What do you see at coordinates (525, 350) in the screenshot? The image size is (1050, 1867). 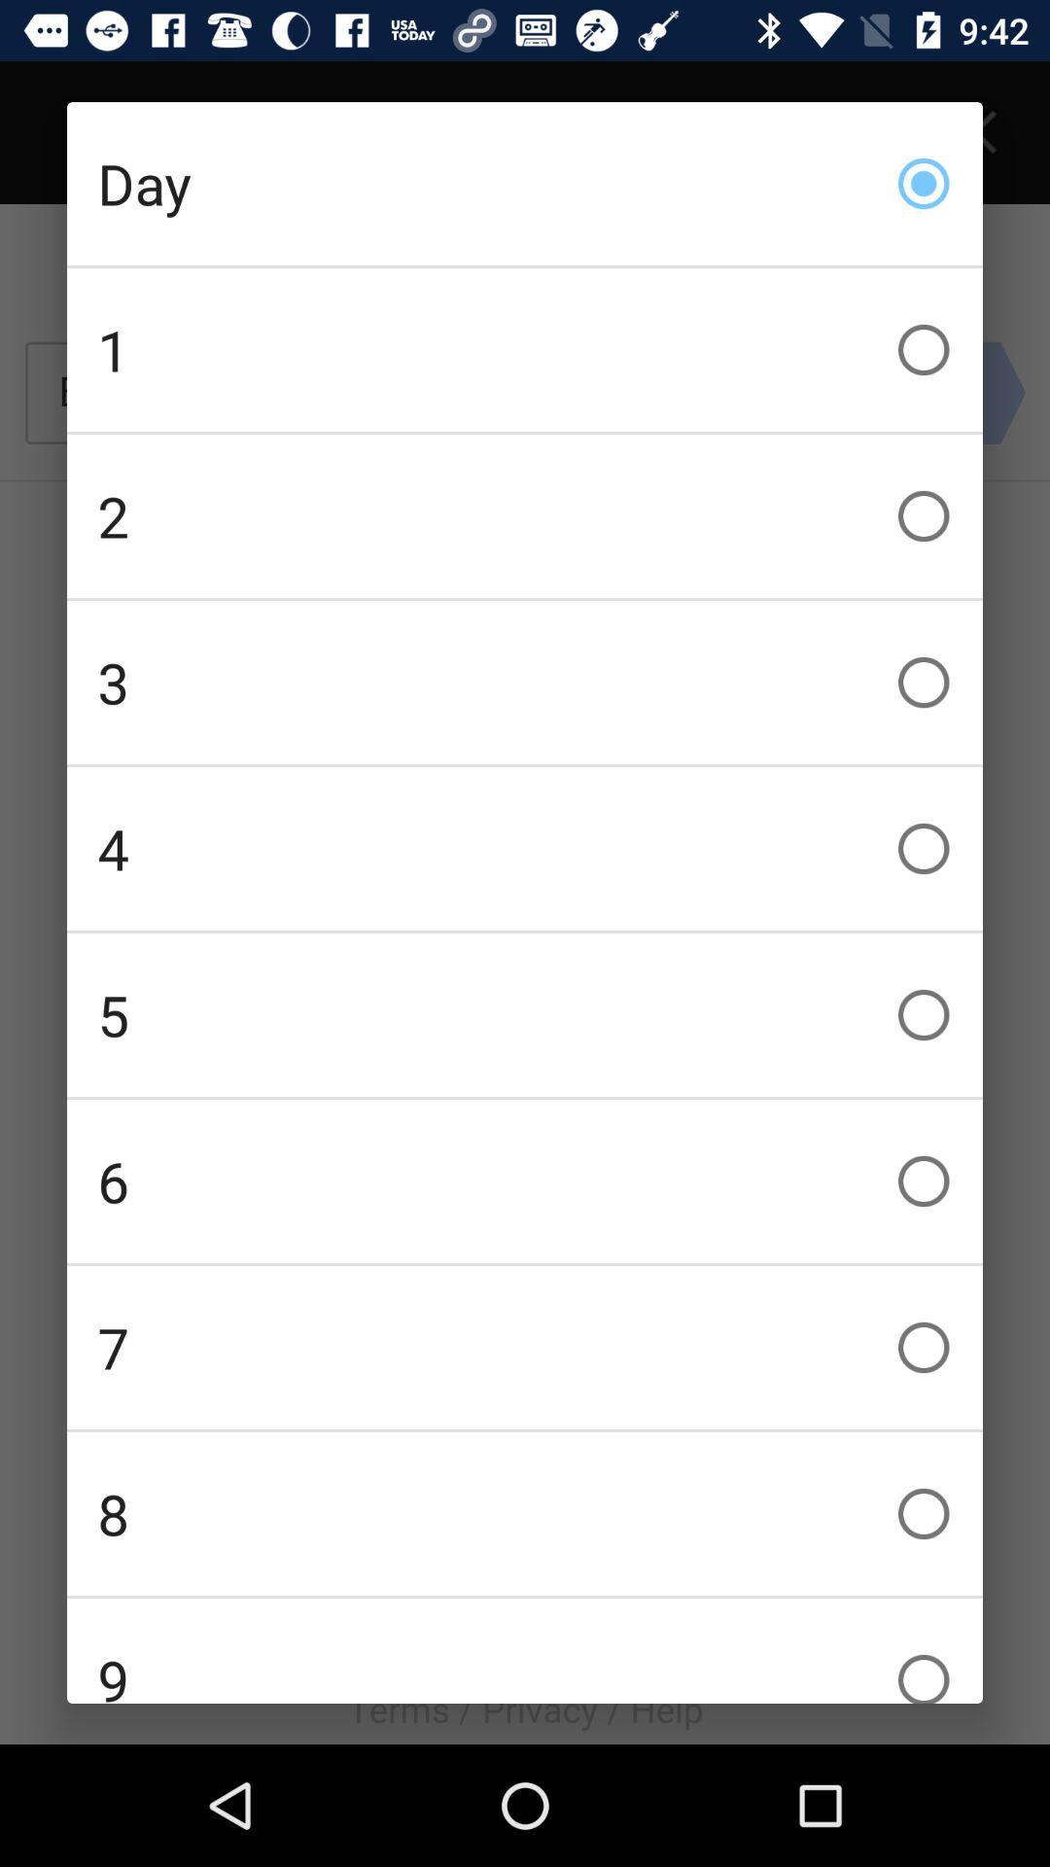 I see `the item below day item` at bounding box center [525, 350].